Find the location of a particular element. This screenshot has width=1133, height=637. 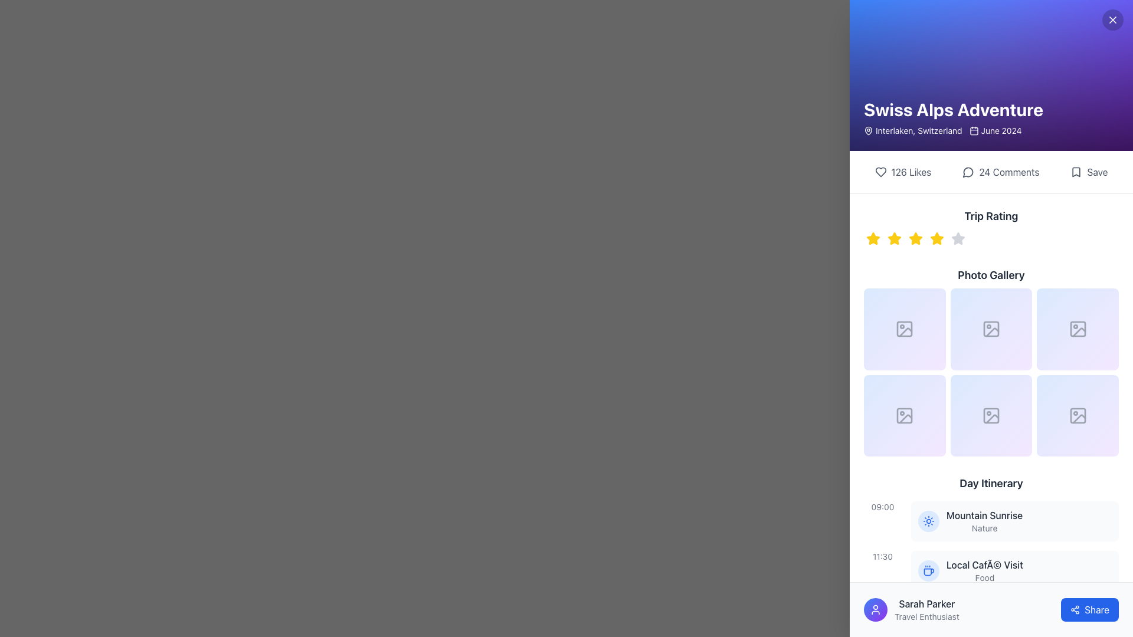

the blue 'Share' button located at the bottom-right of the user interface to initiate sharing is located at coordinates (1089, 609).